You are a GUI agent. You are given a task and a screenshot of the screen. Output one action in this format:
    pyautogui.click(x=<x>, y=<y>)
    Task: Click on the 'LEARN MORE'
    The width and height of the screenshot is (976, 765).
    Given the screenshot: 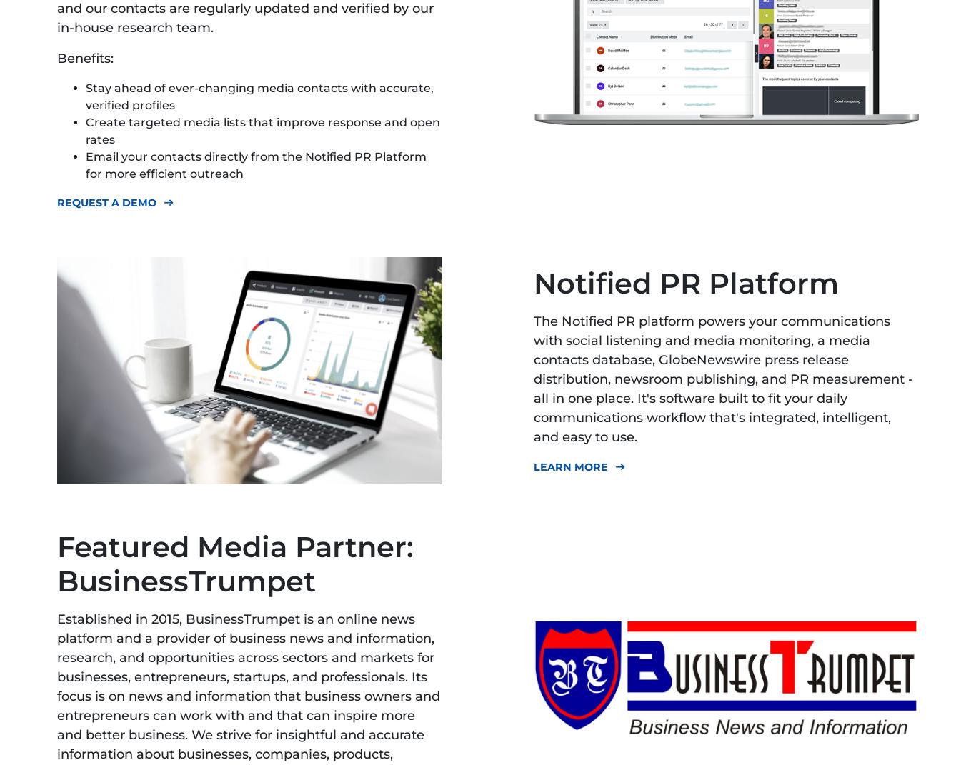 What is the action you would take?
    pyautogui.click(x=569, y=465)
    